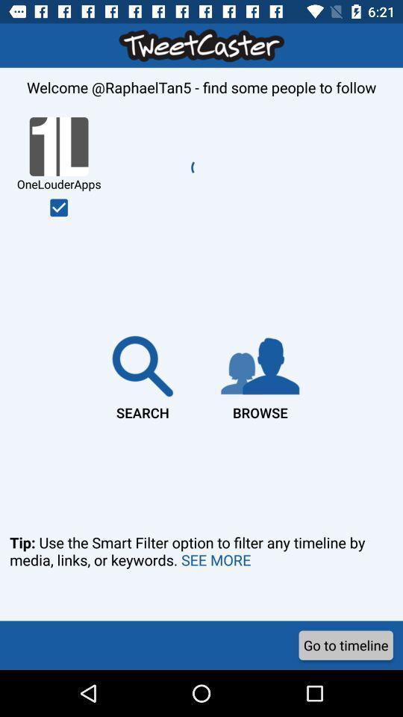 This screenshot has width=403, height=717. Describe the element at coordinates (58, 207) in the screenshot. I see `follow` at that location.